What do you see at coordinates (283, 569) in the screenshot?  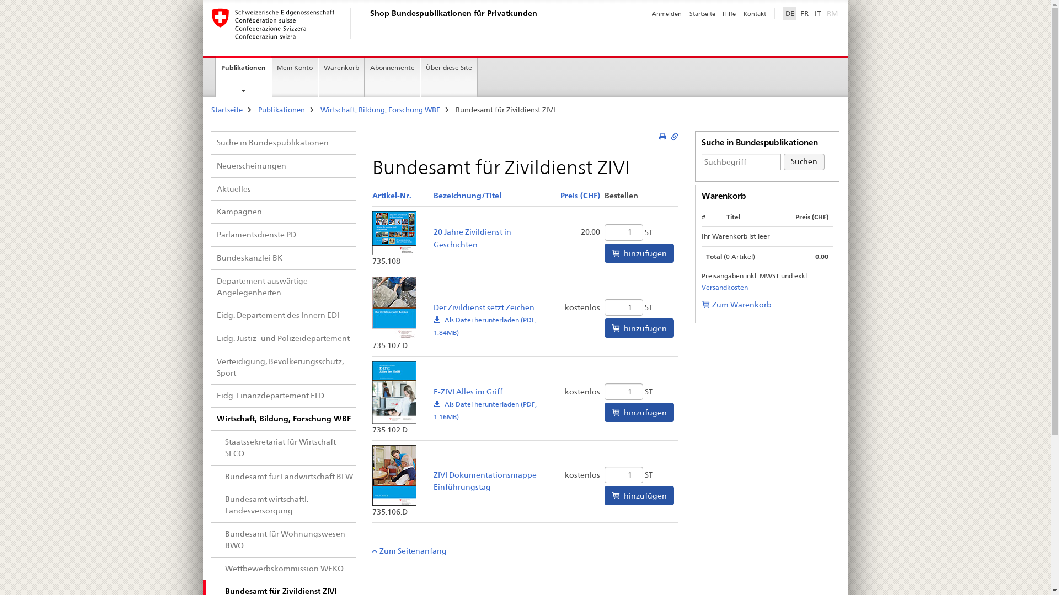 I see `'Wettbewerbskommission WEKO'` at bounding box center [283, 569].